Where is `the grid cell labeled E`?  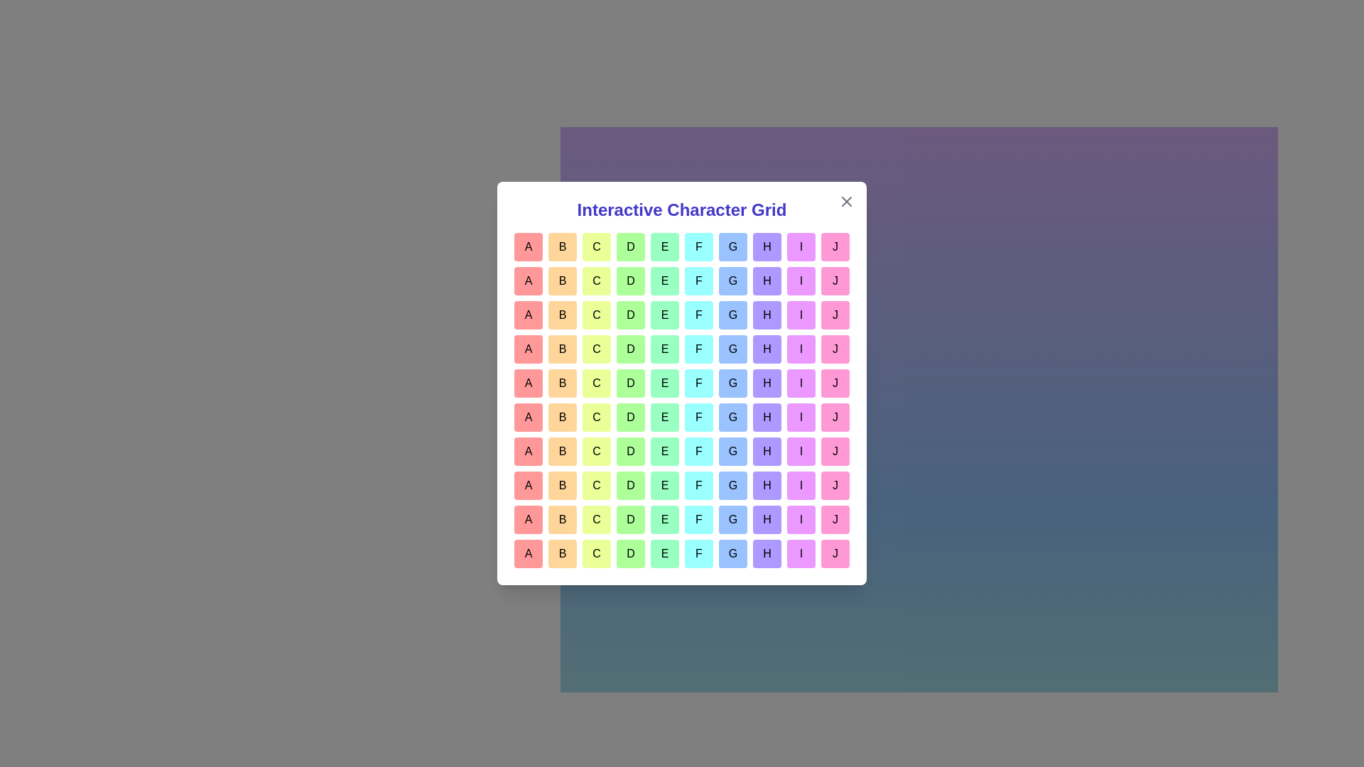
the grid cell labeled E is located at coordinates (664, 246).